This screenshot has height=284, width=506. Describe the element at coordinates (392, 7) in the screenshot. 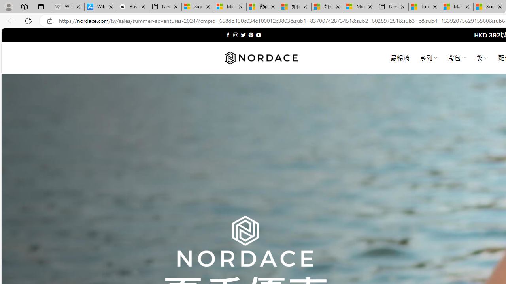

I see `'New tab'` at that location.